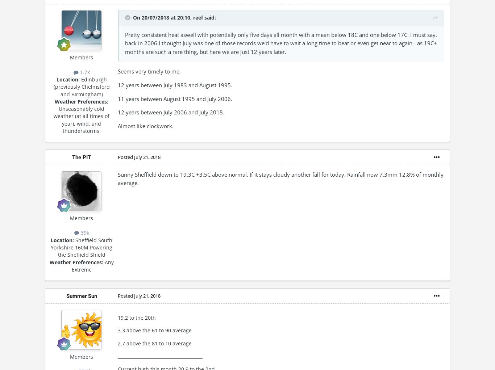 This screenshot has width=495, height=370. What do you see at coordinates (84, 72) in the screenshot?
I see `'1.7k'` at bounding box center [84, 72].